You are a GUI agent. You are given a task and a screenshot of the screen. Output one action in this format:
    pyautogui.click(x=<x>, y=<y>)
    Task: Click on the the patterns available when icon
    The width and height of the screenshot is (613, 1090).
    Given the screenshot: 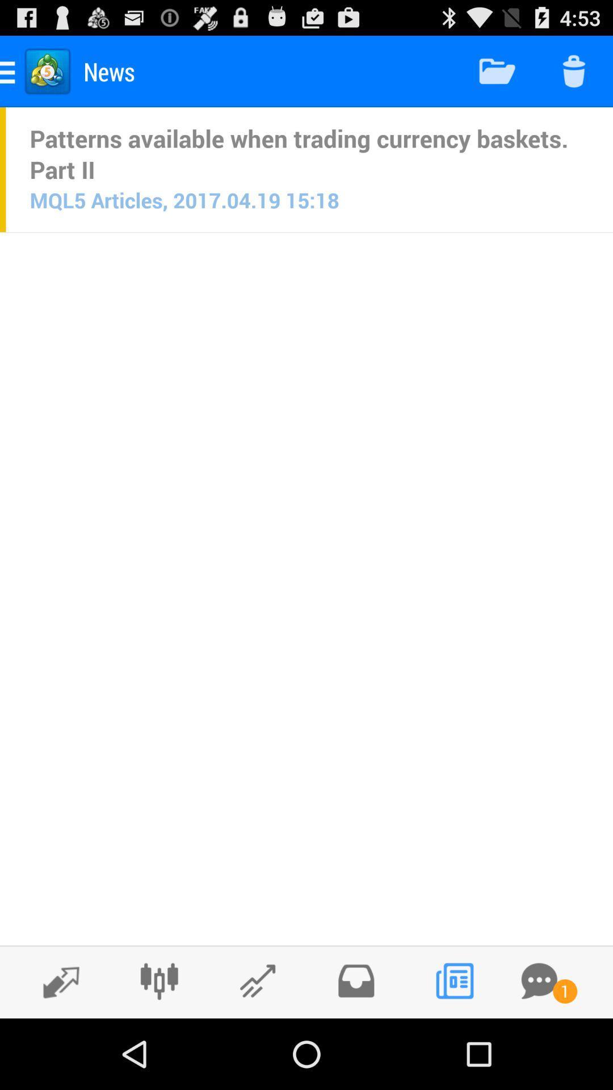 What is the action you would take?
    pyautogui.click(x=309, y=153)
    